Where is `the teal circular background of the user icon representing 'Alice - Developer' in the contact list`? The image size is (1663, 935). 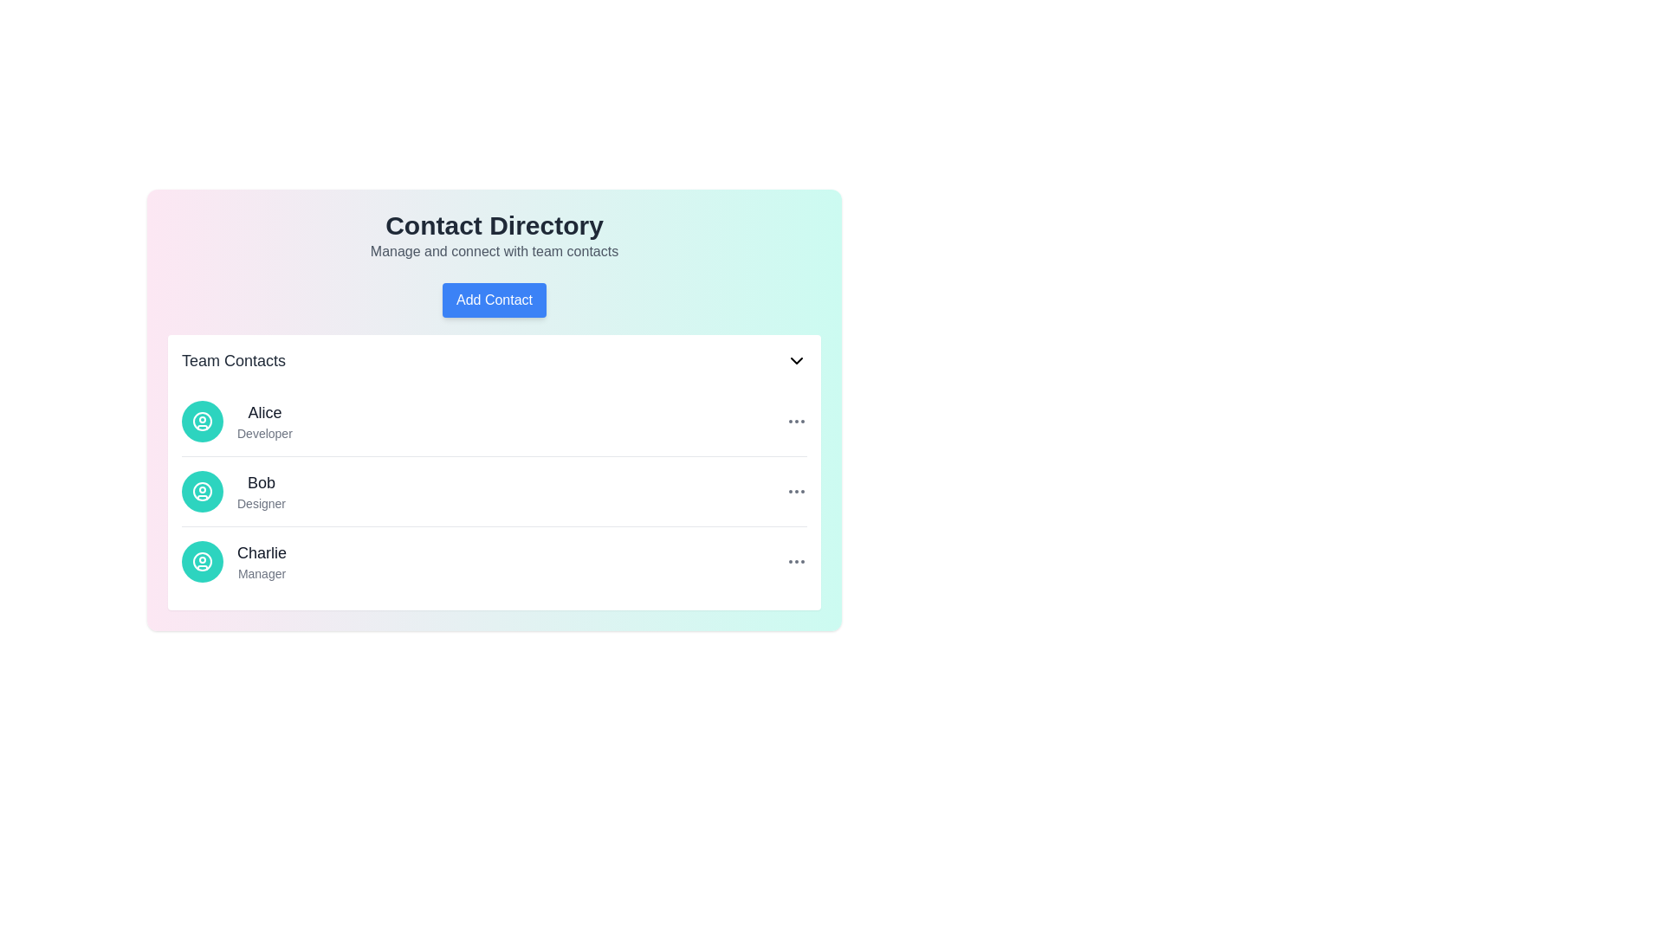
the teal circular background of the user icon representing 'Alice - Developer' in the contact list is located at coordinates (203, 421).